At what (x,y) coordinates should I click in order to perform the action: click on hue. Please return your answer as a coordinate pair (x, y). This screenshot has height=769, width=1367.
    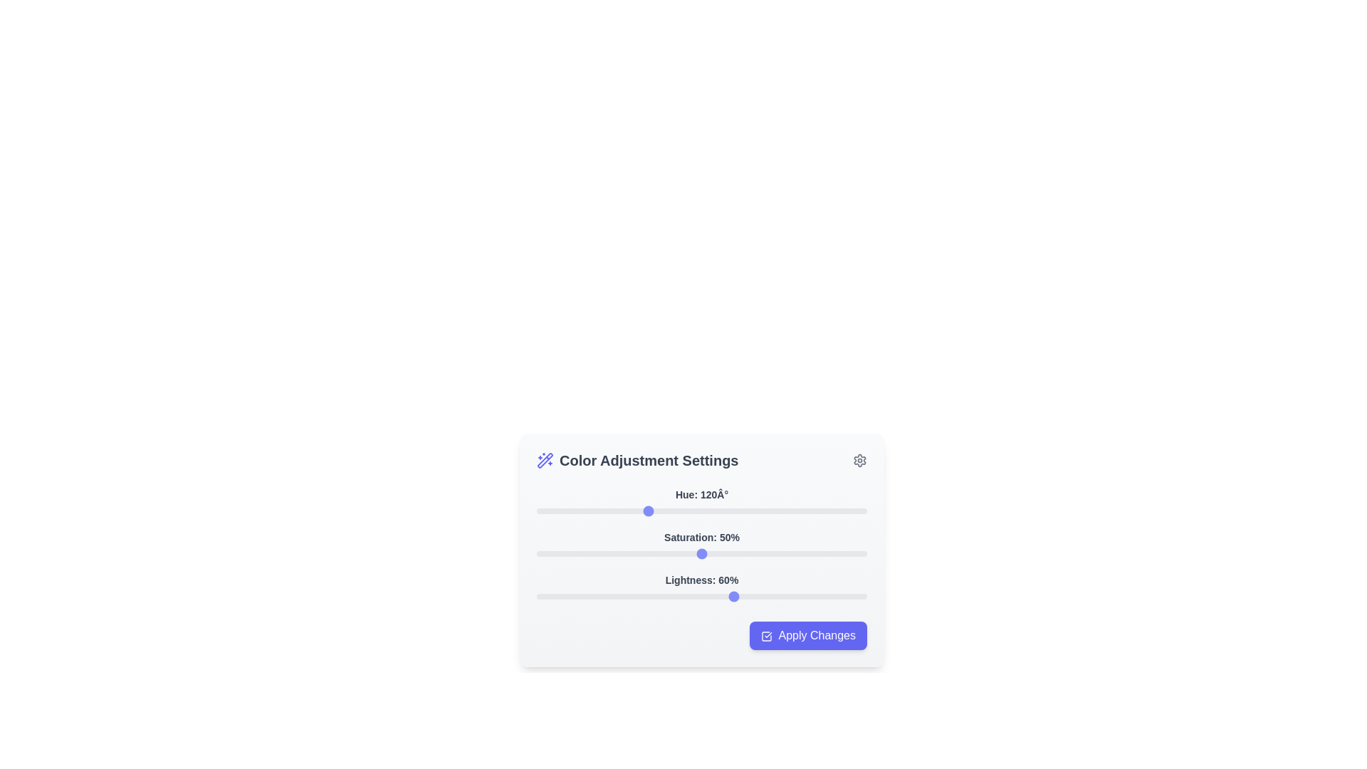
    Looking at the image, I should click on (837, 510).